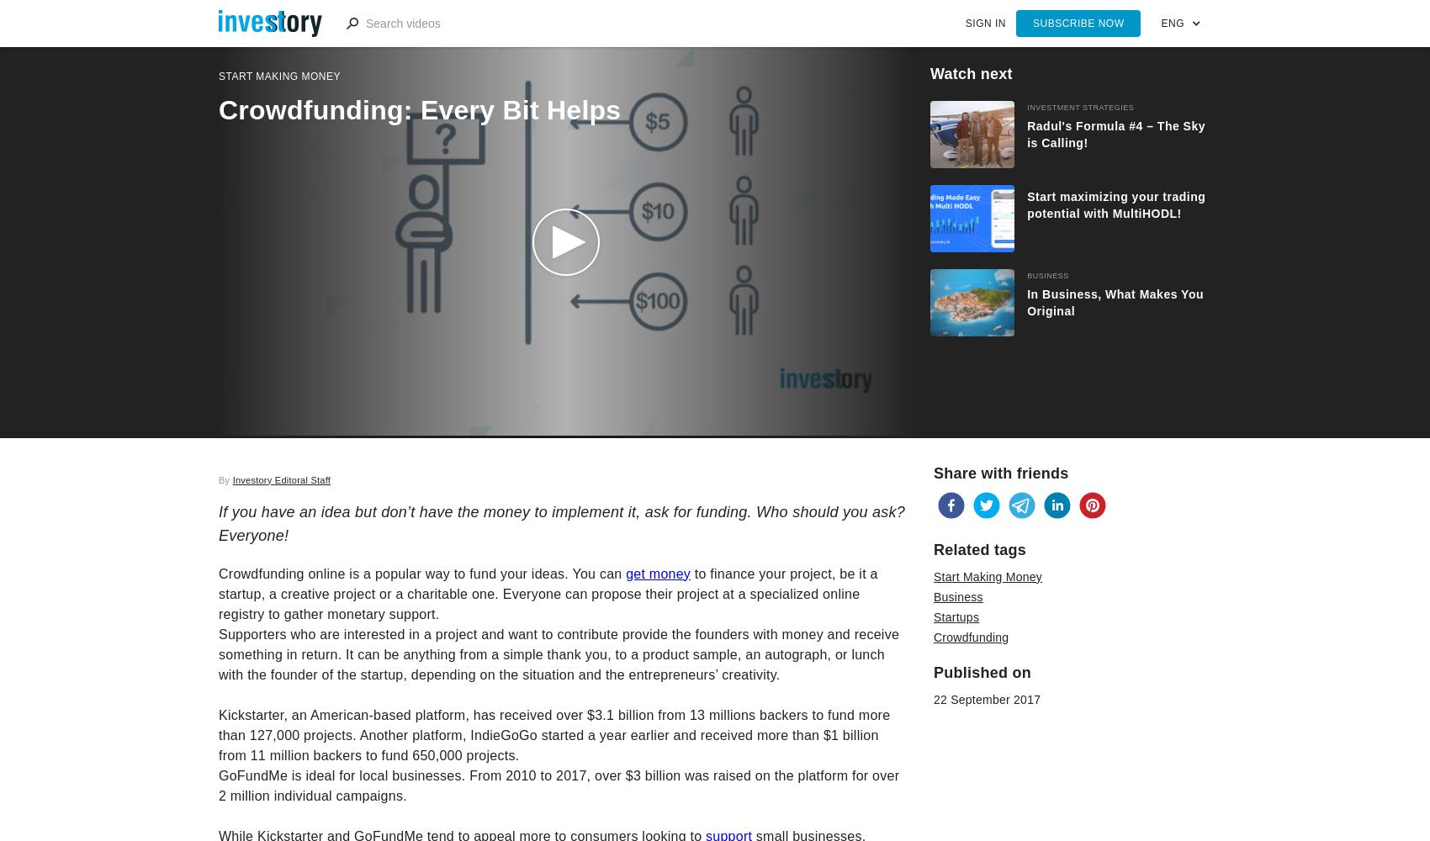  Describe the element at coordinates (1172, 24) in the screenshot. I see `'ENG'` at that location.